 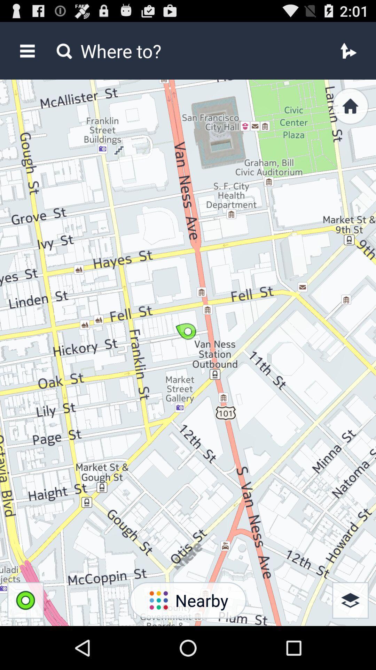 What do you see at coordinates (350, 642) in the screenshot?
I see `the layers icon` at bounding box center [350, 642].